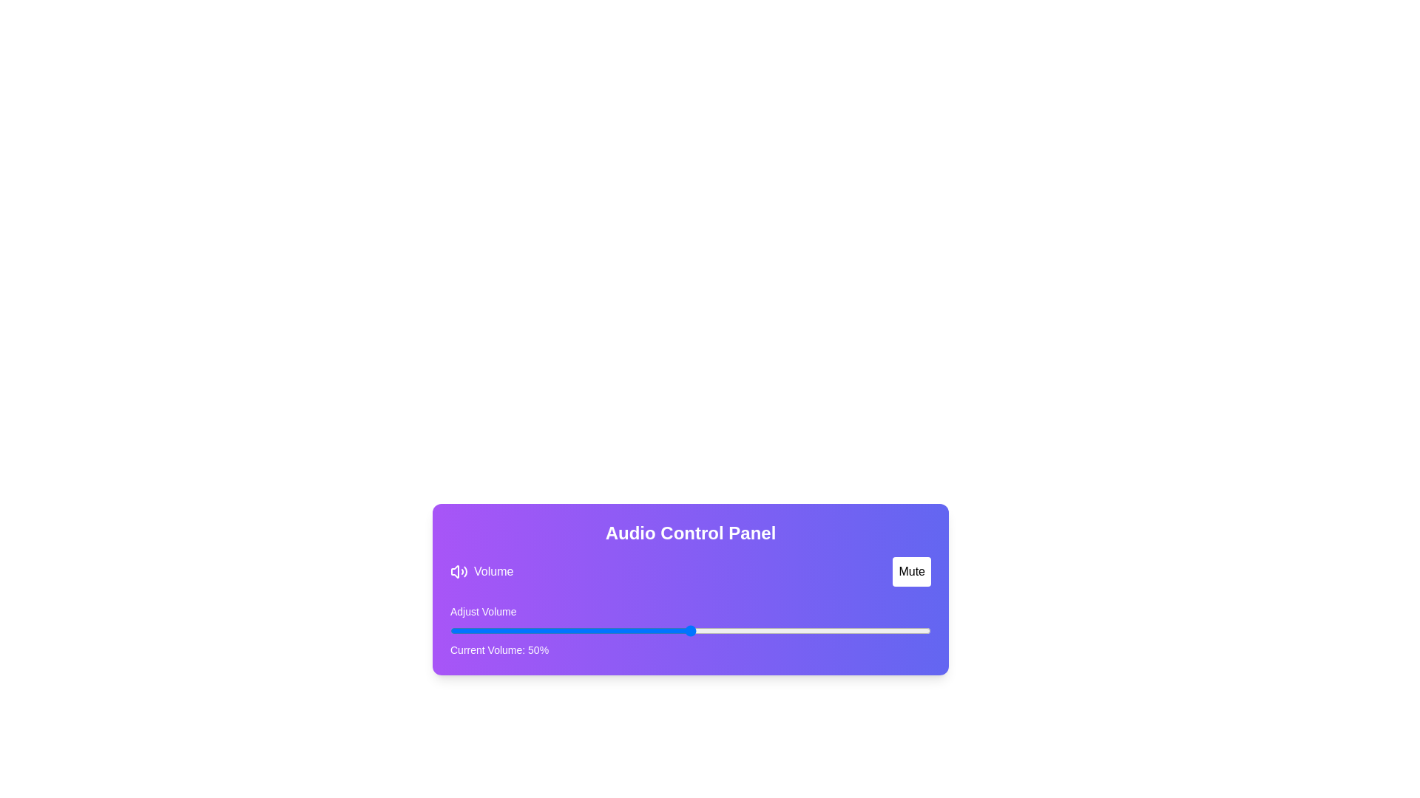 The image size is (1420, 798). Describe the element at coordinates (450, 630) in the screenshot. I see `the volume slider` at that location.